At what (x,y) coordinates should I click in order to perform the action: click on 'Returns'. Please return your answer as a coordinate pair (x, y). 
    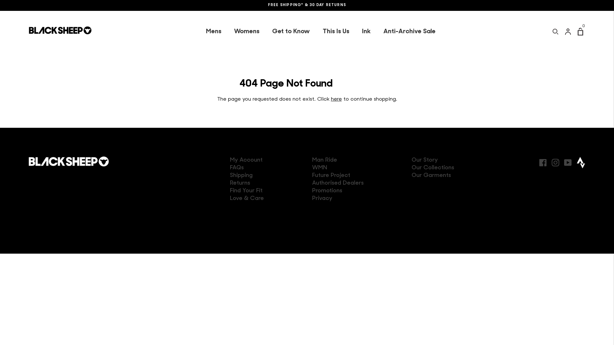
    Looking at the image, I should click on (230, 183).